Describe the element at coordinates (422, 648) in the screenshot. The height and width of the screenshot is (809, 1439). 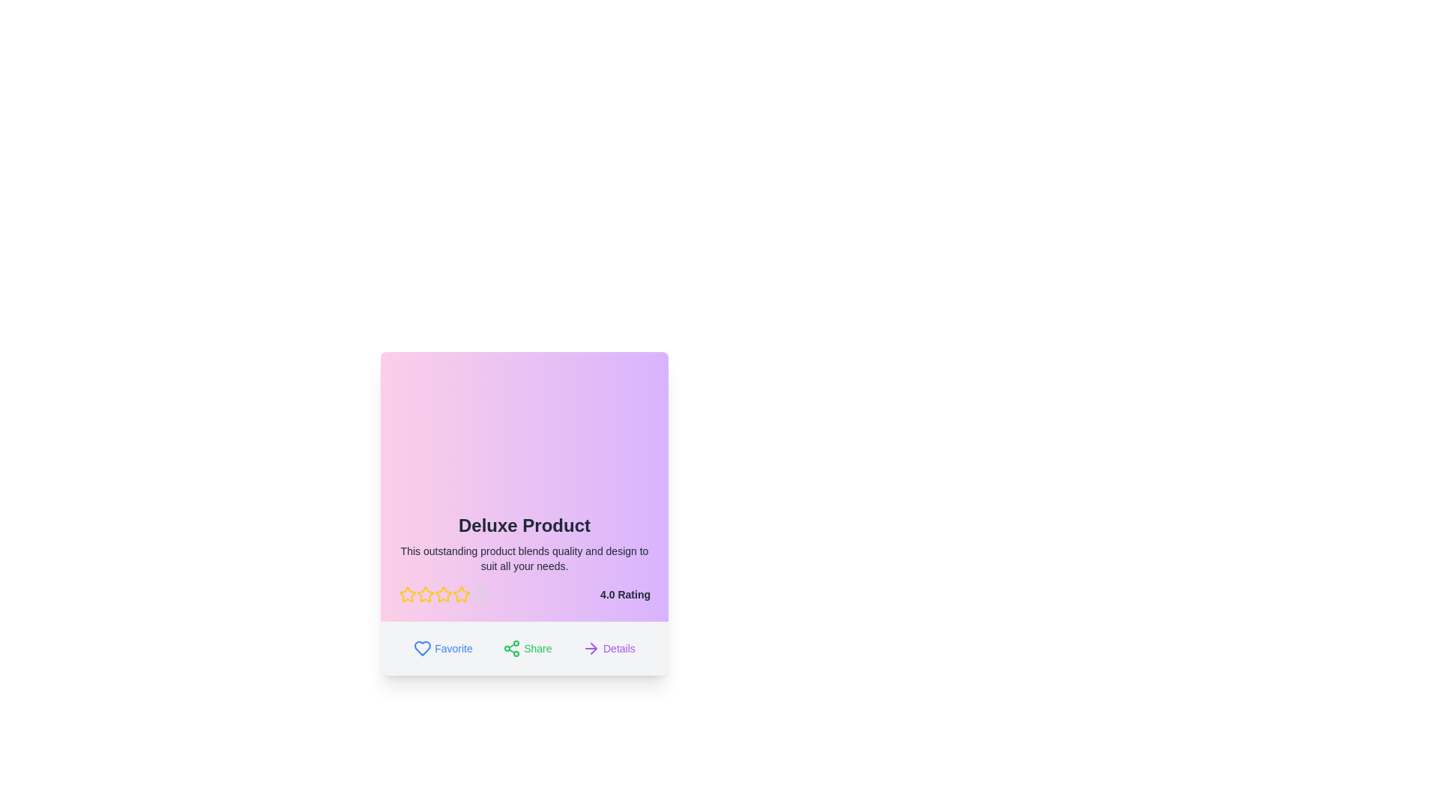
I see `the heart icon in the bottom-left corner of the 'Deluxe Product' card to mark or unmark it as a favorite` at that location.